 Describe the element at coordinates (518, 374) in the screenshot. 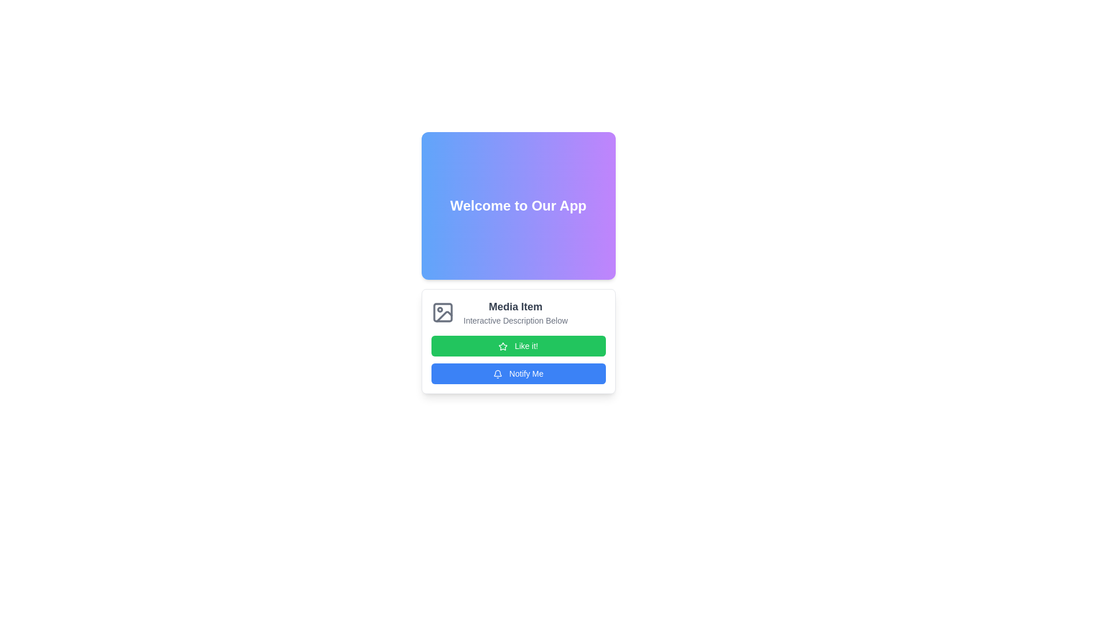

I see `the notification subscription button located below the 'Like it!' button in the vertical group of buttons under the media card to activate its hover state` at that location.